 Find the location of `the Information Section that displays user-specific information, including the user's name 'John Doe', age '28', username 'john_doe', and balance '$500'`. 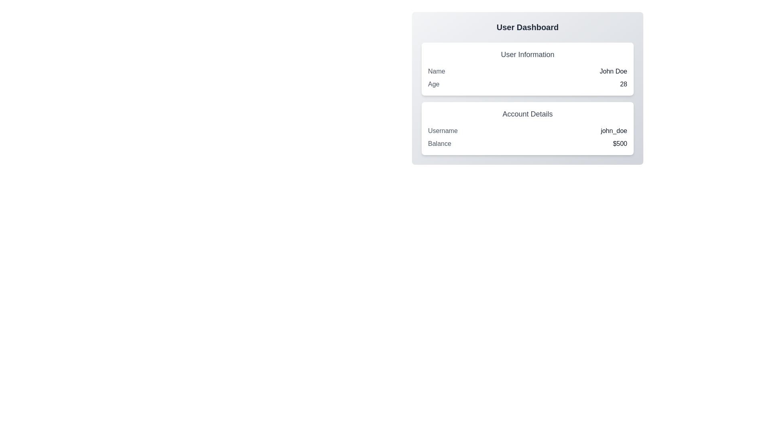

the Information Section that displays user-specific information, including the user's name 'John Doe', age '28', username 'john_doe', and balance '$500' is located at coordinates (528, 88).